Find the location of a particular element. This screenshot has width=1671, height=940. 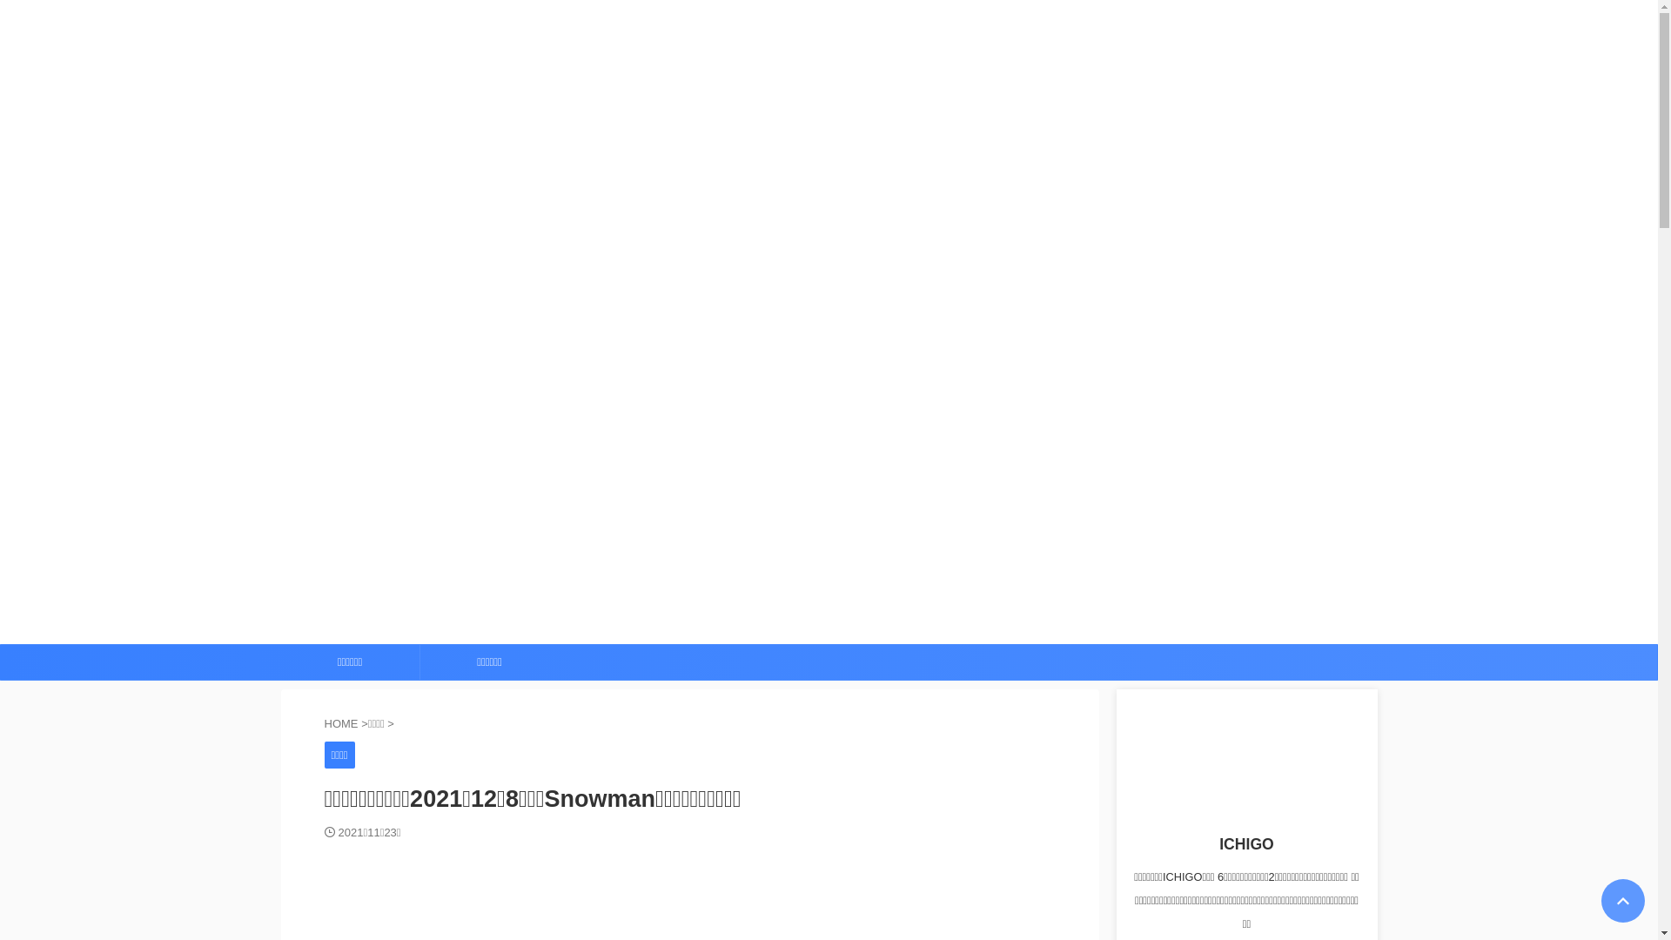

'HOME' is located at coordinates (342, 723).